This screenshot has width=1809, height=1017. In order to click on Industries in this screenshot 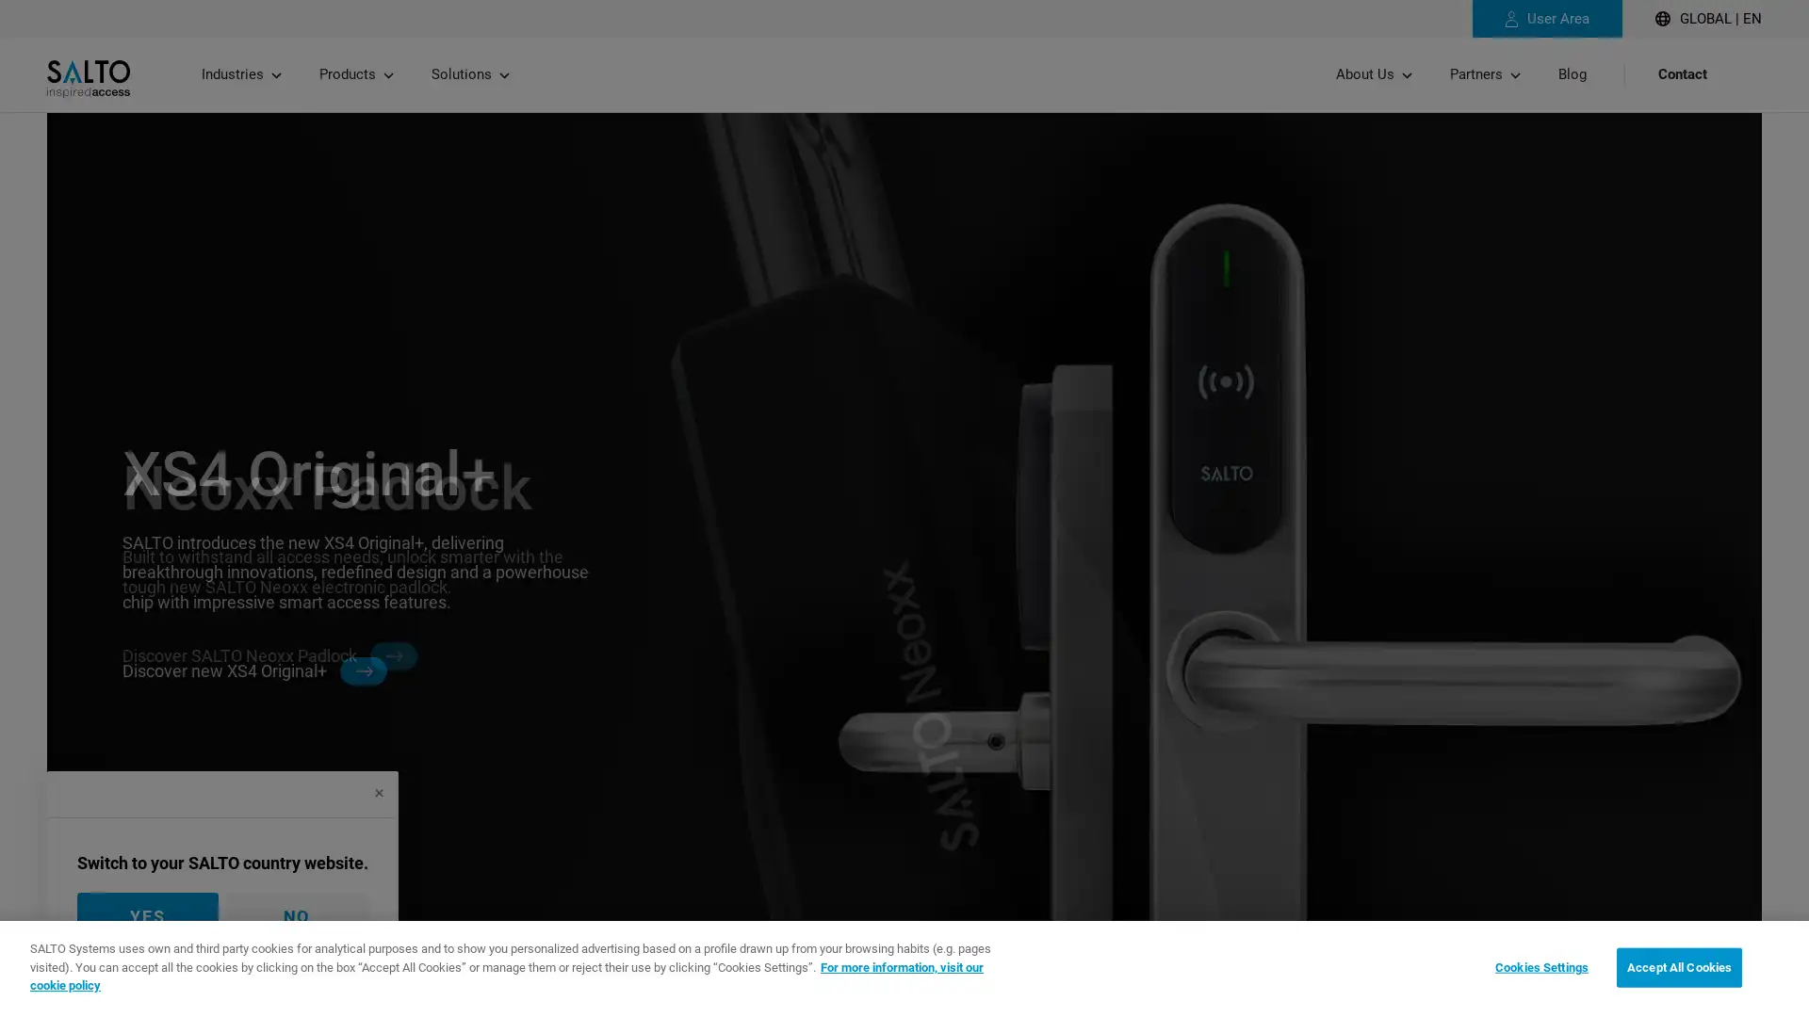, I will do `click(240, 73)`.